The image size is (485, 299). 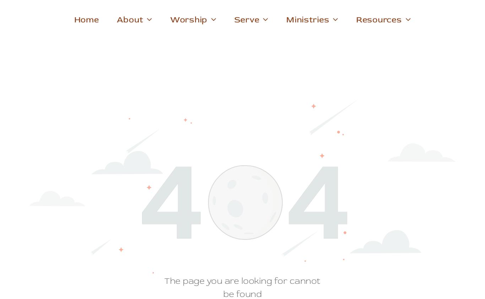 What do you see at coordinates (116, 19) in the screenshot?
I see `'About'` at bounding box center [116, 19].